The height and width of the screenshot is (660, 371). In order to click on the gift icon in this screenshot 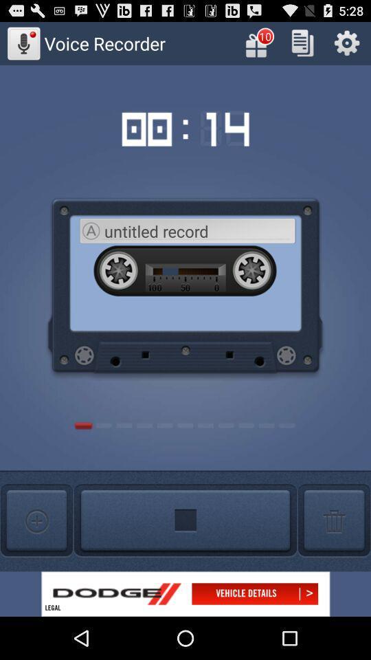, I will do `click(258, 46)`.